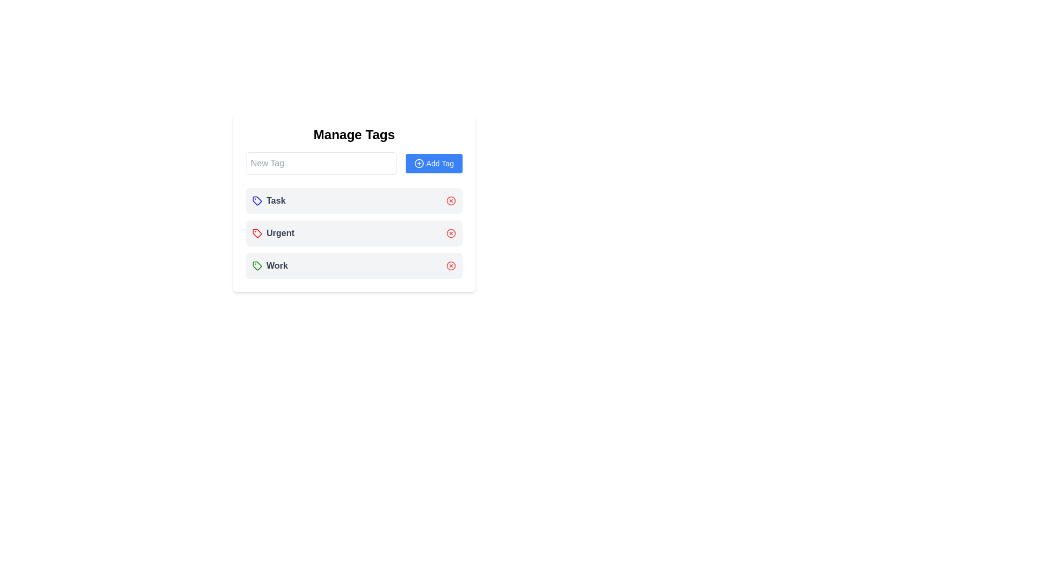 The image size is (1040, 585). I want to click on the text label that reads 'Urgent.' It is styled with a medium font size, bold weight, and gray color, positioned between the tags 'Task' and 'Work' within a vertical list, so click(280, 233).